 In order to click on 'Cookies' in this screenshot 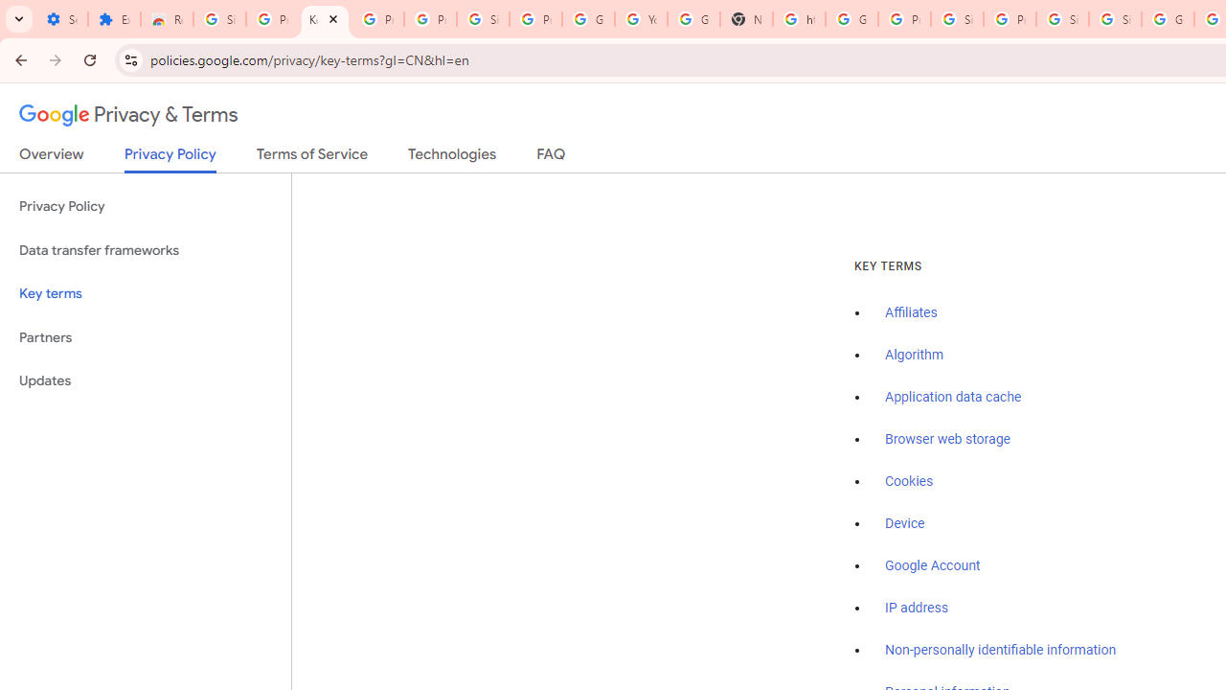, I will do `click(908, 480)`.